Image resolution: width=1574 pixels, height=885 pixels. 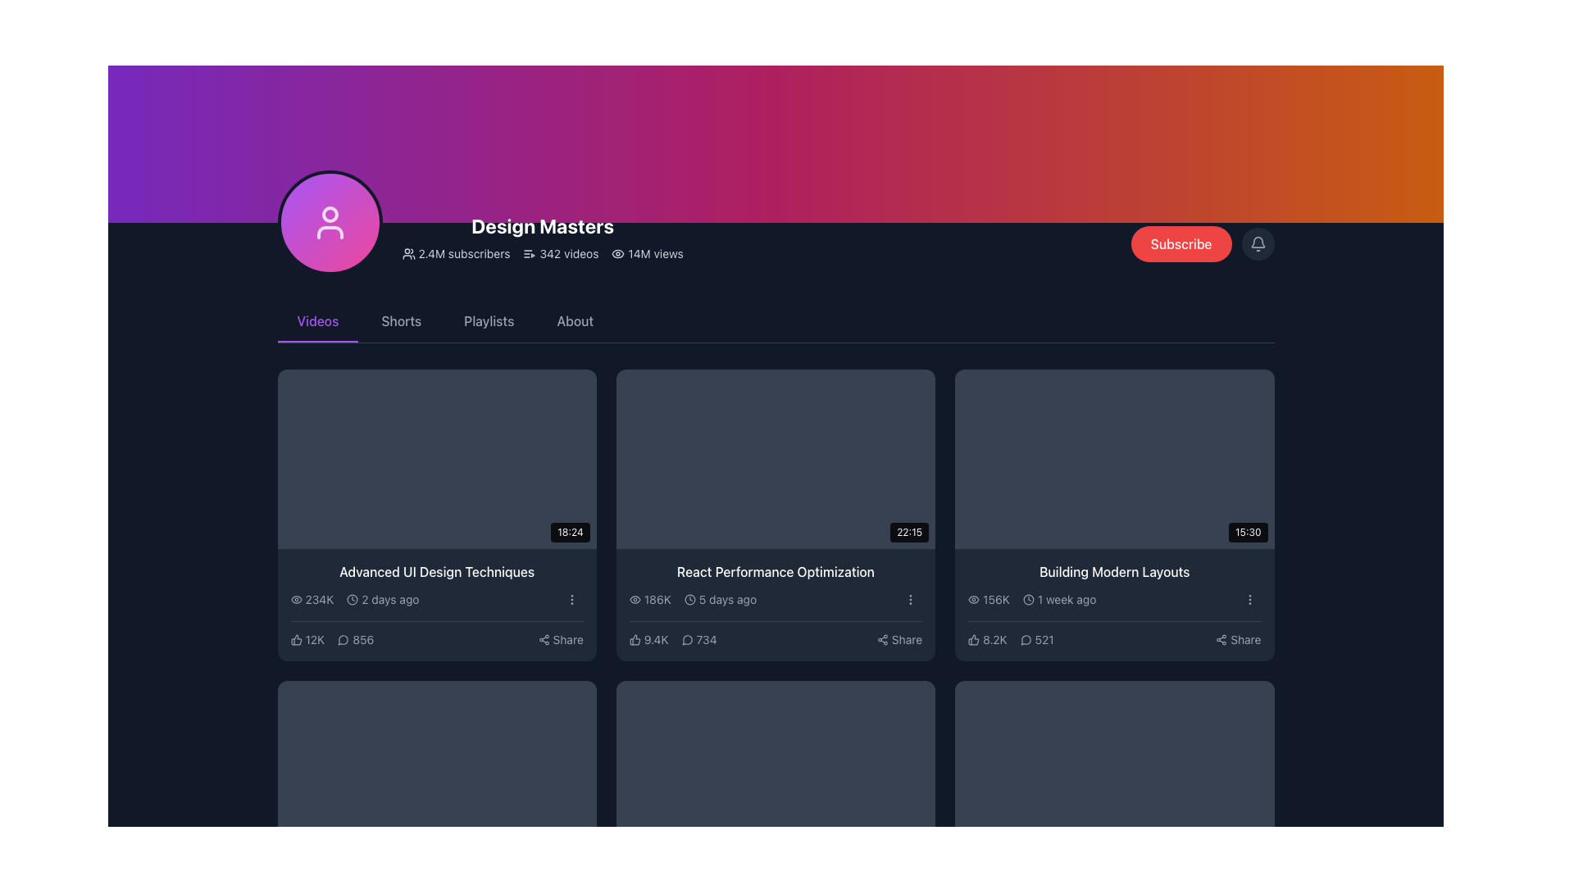 I want to click on the 'Share' button located at the bottom-right corner of the video card titled 'Building Modern Layouts', so click(x=1238, y=638).